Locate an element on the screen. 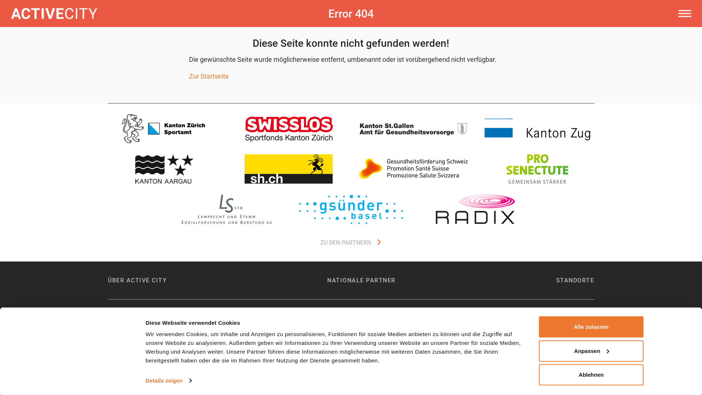 The width and height of the screenshot is (702, 395). 'ZU DEN PARTNERN' is located at coordinates (351, 242).